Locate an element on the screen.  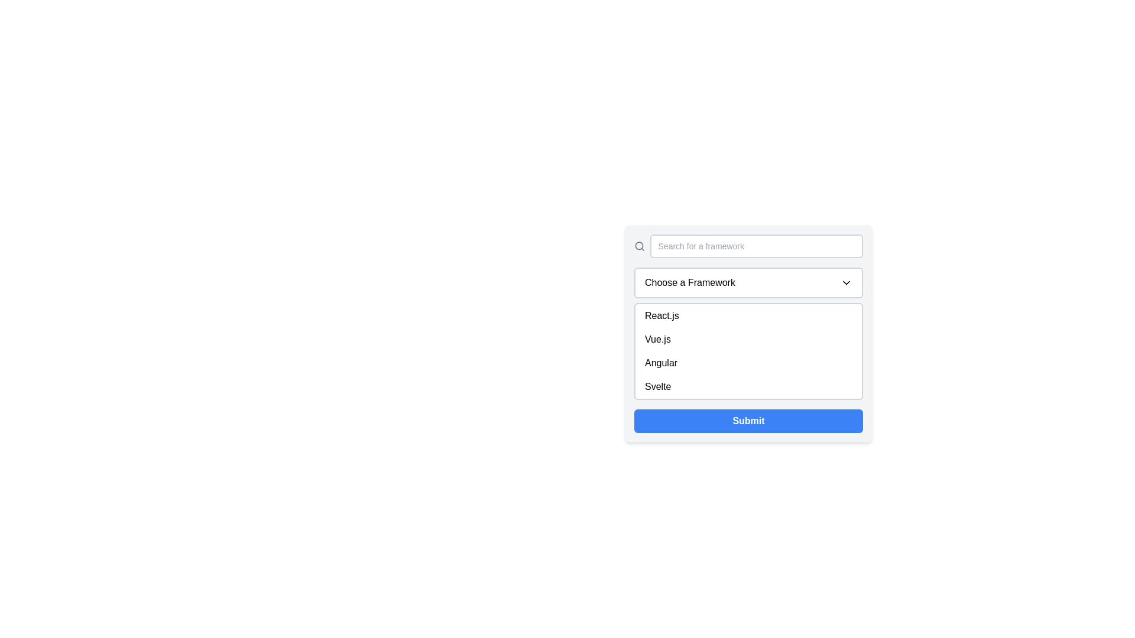
the third item in the dropdown list that allows the selection of 'Angular', located between 'Vue.js' and 'Svelte' is located at coordinates (748, 362).